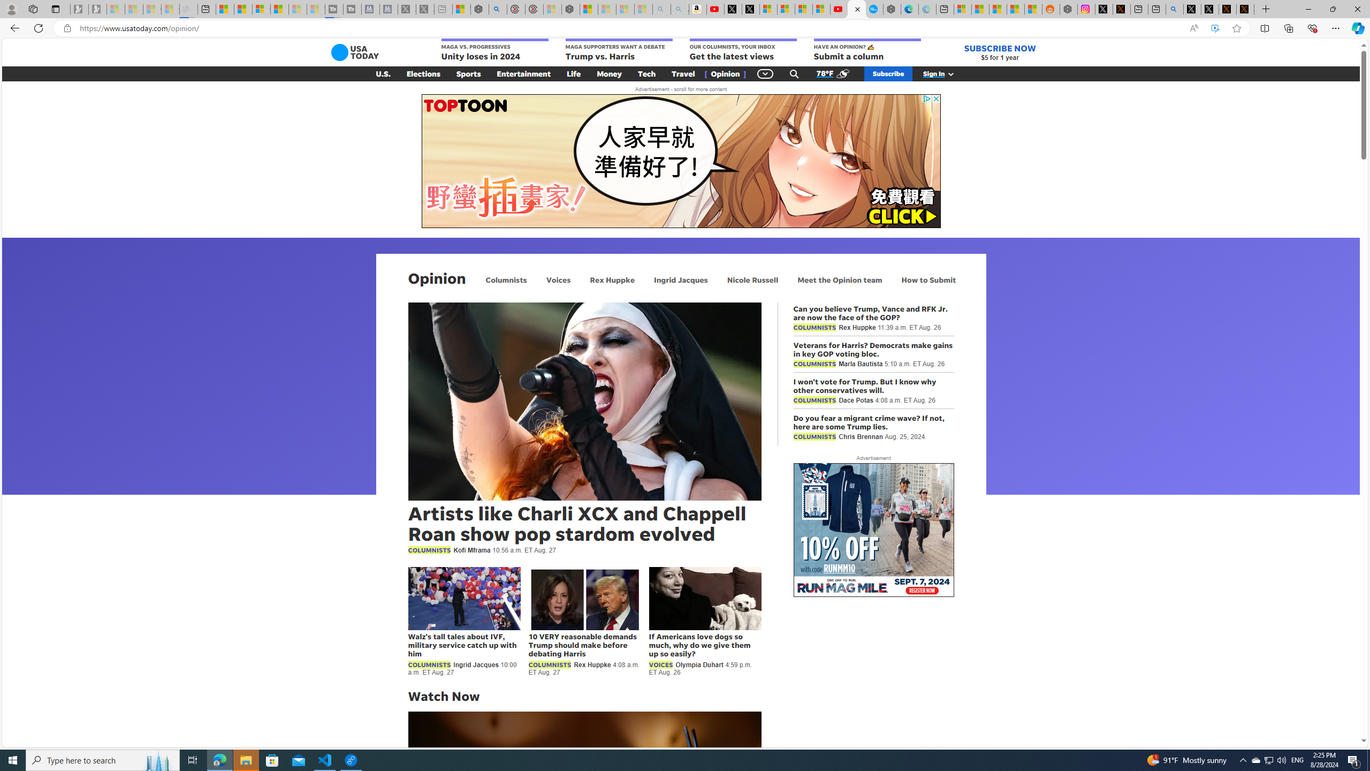 The image size is (1370, 771). Describe the element at coordinates (646, 73) in the screenshot. I see `'Tech'` at that location.